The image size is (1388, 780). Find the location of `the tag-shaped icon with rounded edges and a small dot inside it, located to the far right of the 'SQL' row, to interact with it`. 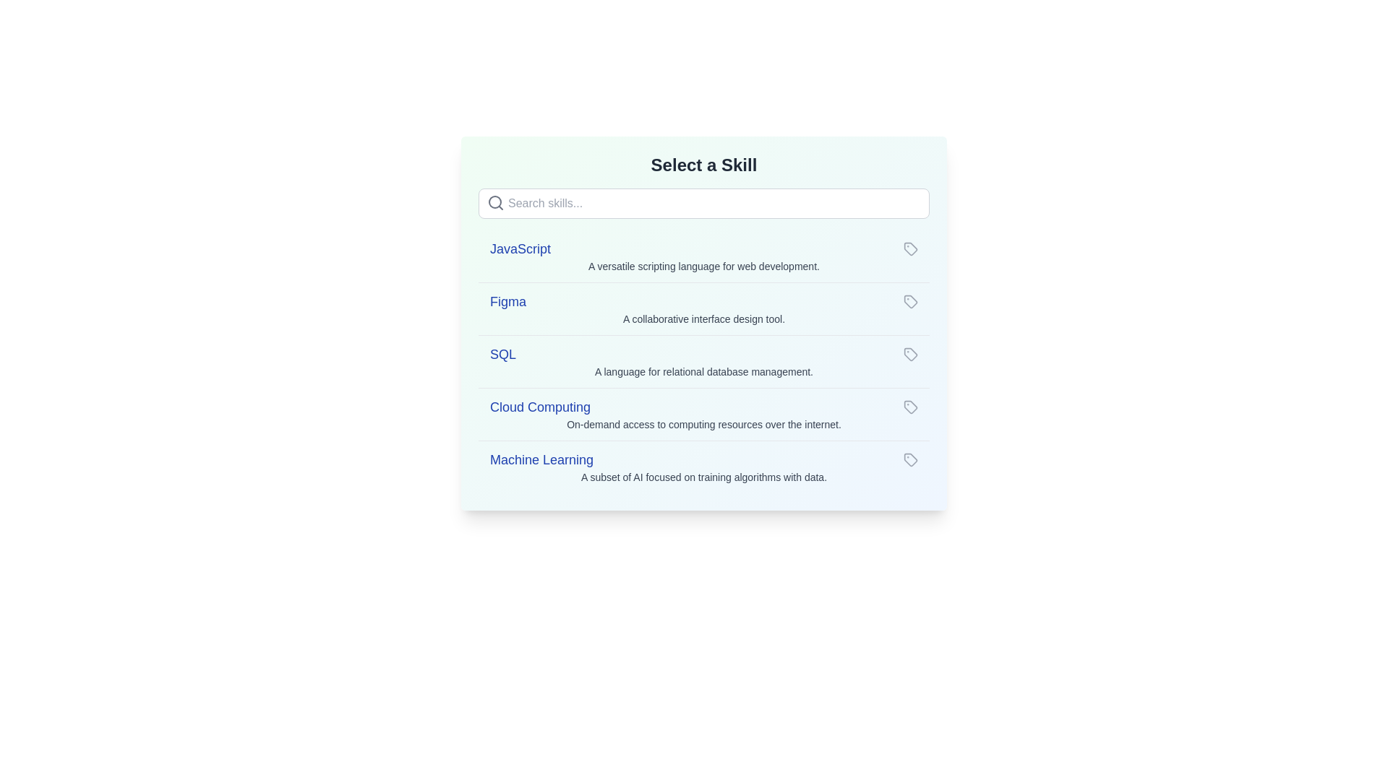

the tag-shaped icon with rounded edges and a small dot inside it, located to the far right of the 'SQL' row, to interact with it is located at coordinates (909, 354).